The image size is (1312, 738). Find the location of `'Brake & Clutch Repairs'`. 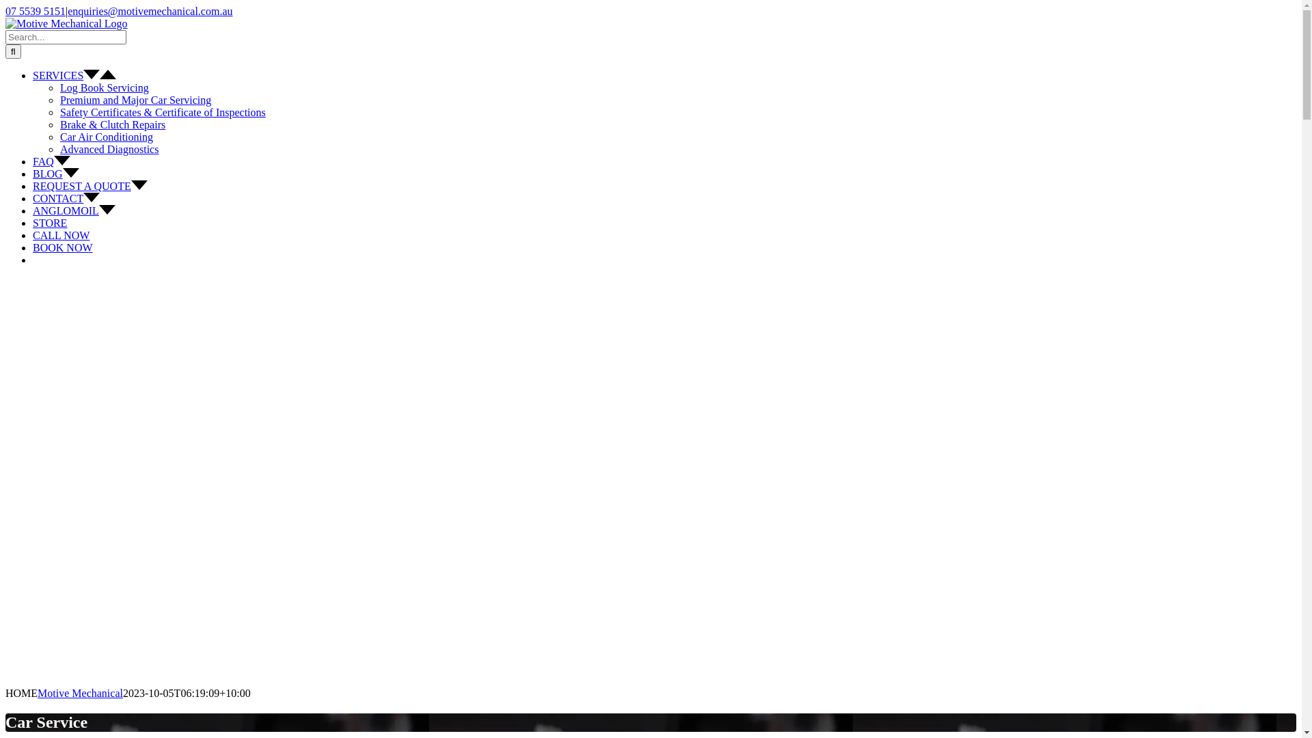

'Brake & Clutch Repairs' is located at coordinates (112, 124).